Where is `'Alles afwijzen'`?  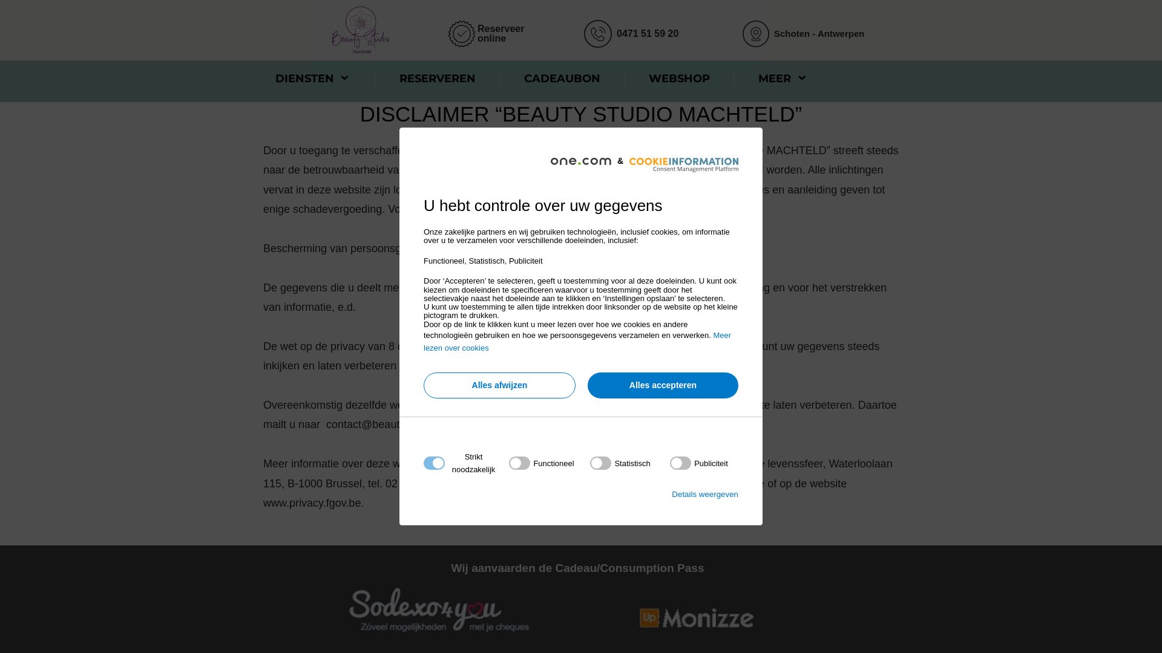
'Alles afwijzen' is located at coordinates (424, 385).